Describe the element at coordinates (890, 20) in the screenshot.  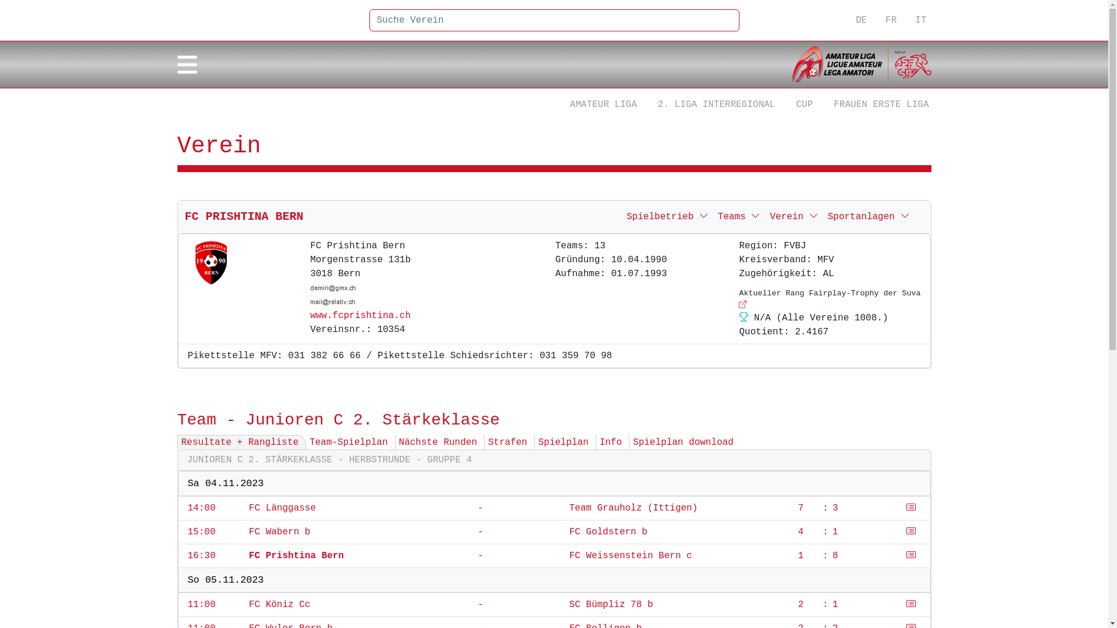
I see `'FR'` at that location.